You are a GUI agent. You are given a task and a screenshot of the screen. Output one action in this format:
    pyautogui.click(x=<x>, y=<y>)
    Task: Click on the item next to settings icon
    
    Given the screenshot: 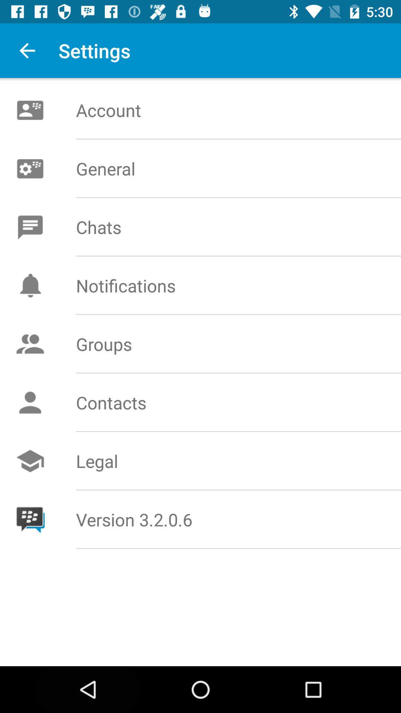 What is the action you would take?
    pyautogui.click(x=27, y=50)
    